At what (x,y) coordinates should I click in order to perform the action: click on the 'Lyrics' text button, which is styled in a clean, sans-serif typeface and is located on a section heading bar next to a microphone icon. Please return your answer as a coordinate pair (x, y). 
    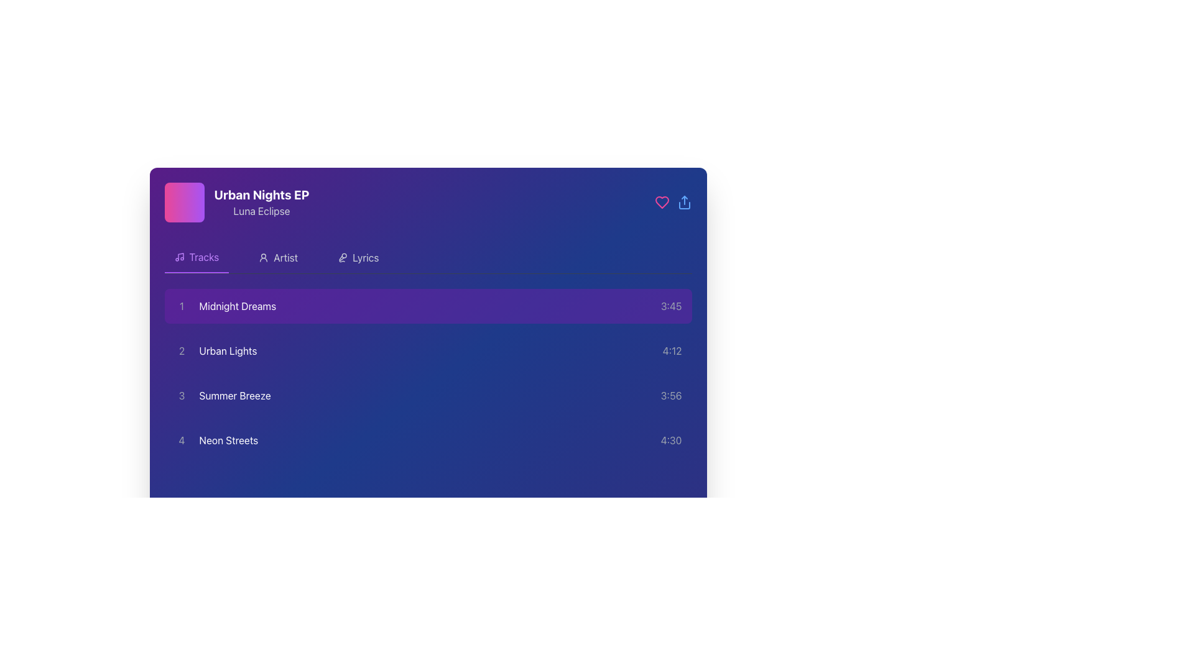
    Looking at the image, I should click on (365, 257).